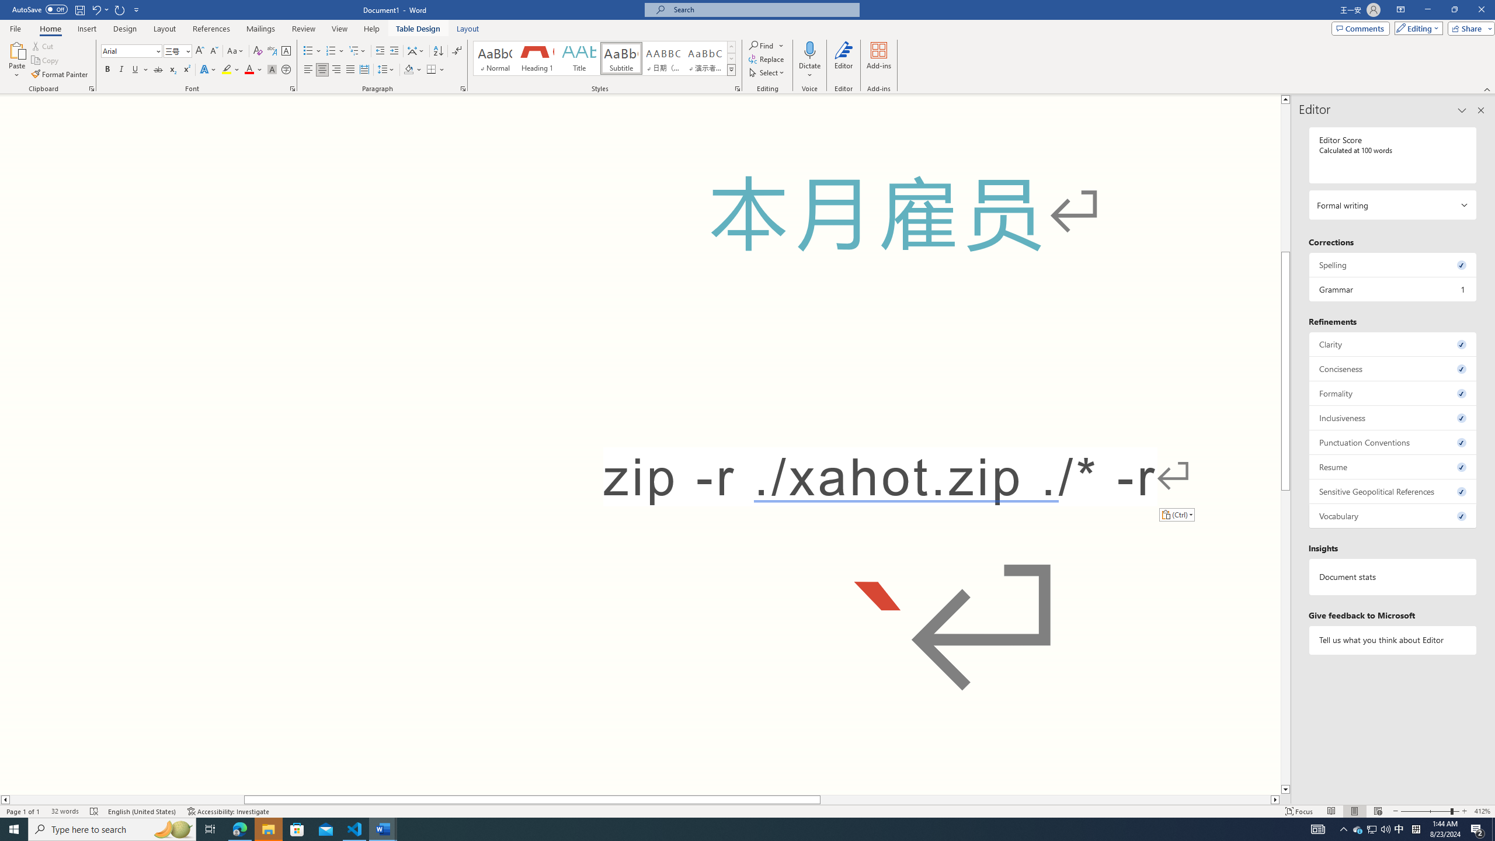 The image size is (1495, 841). I want to click on 'Title', so click(579, 58).